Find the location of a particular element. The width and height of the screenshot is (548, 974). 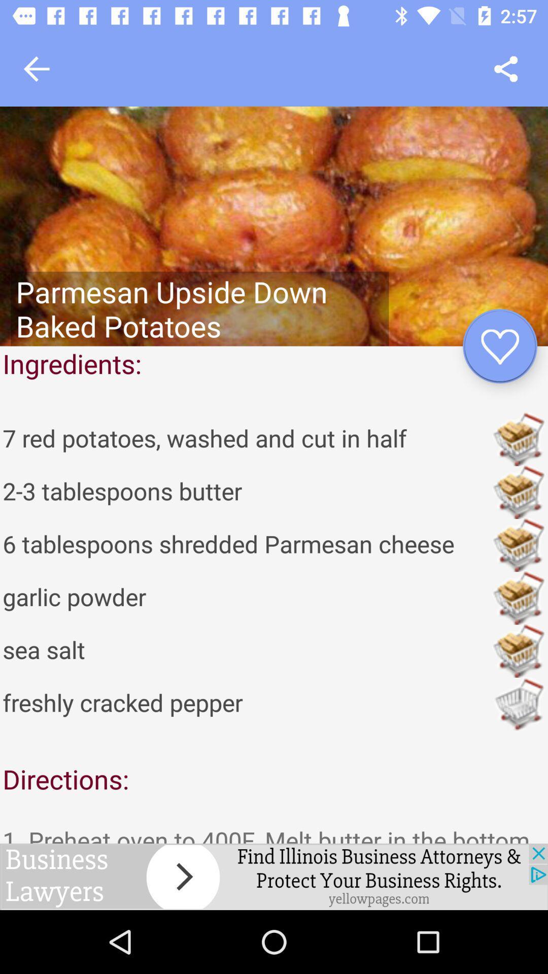

previous page is located at coordinates (36, 68).